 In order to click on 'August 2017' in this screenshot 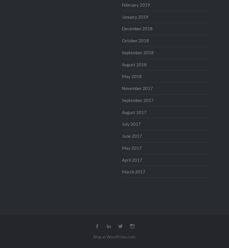, I will do `click(134, 112)`.